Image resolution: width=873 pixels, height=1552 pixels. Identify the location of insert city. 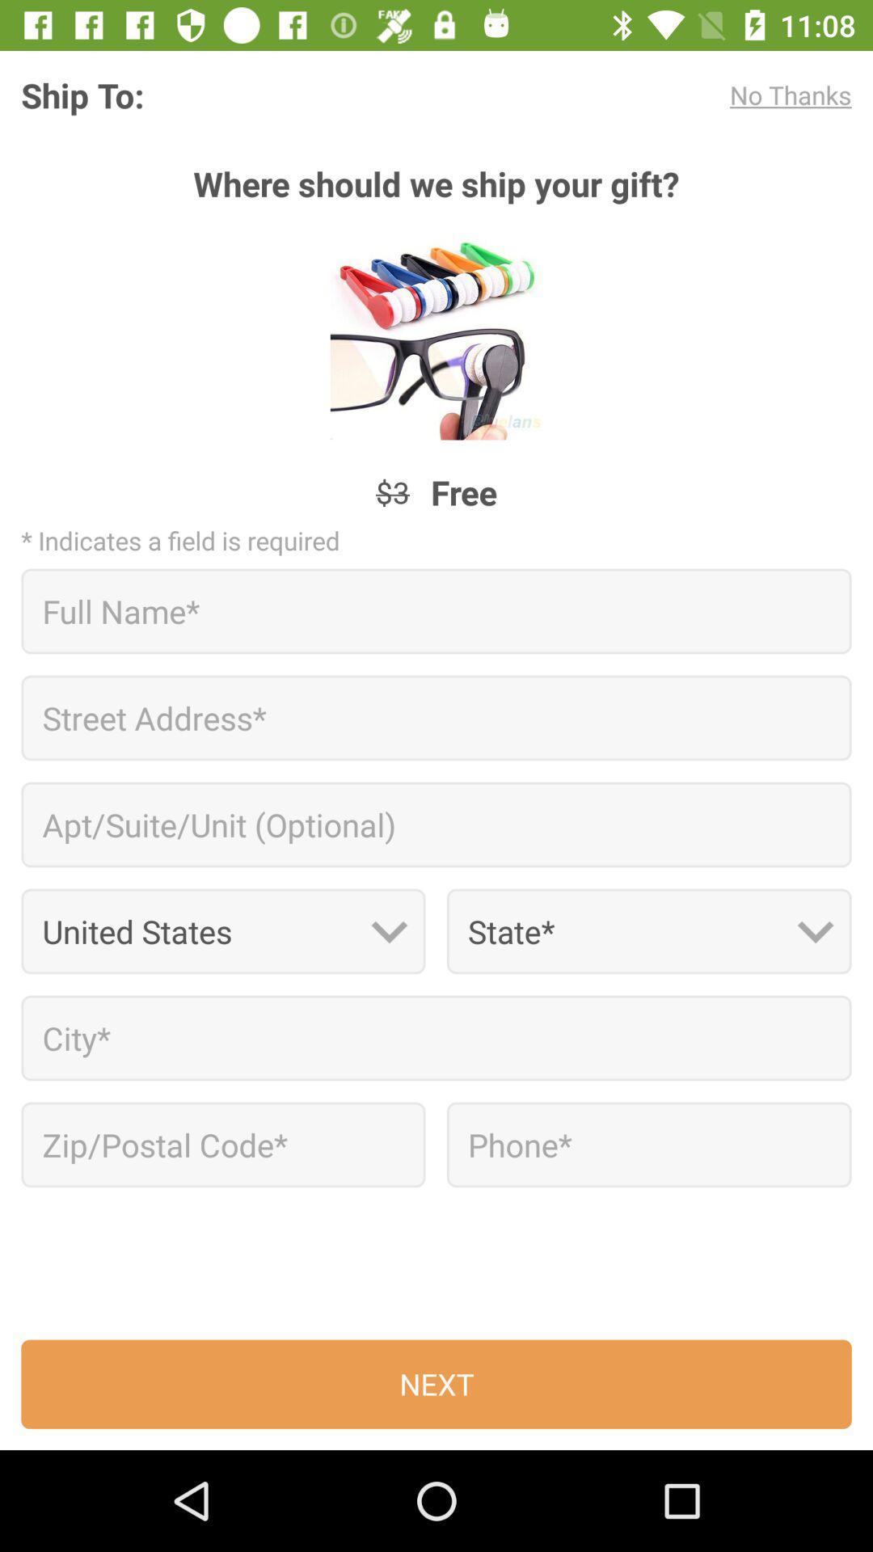
(436, 1038).